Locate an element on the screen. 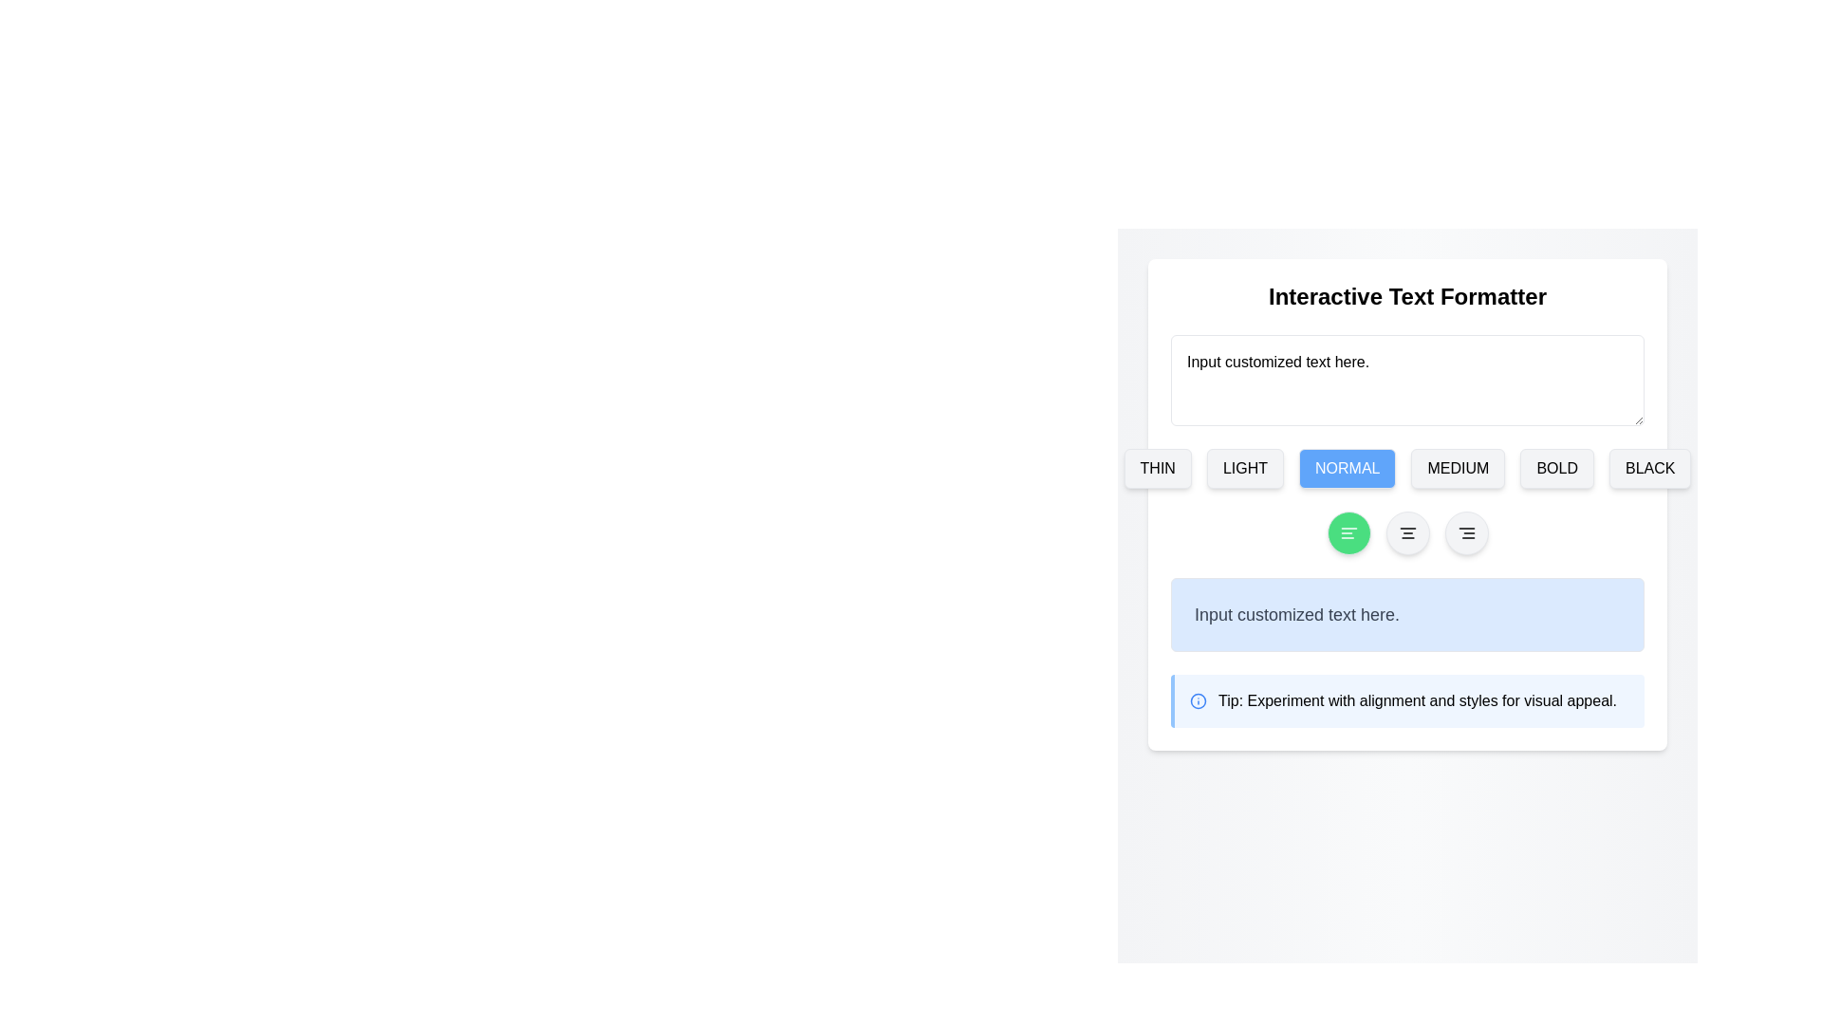 This screenshot has height=1025, width=1822. the alignment icon representing right text alignment, which is the third icon in a horizontal group of alignment options, to align text to the right is located at coordinates (1465, 533).